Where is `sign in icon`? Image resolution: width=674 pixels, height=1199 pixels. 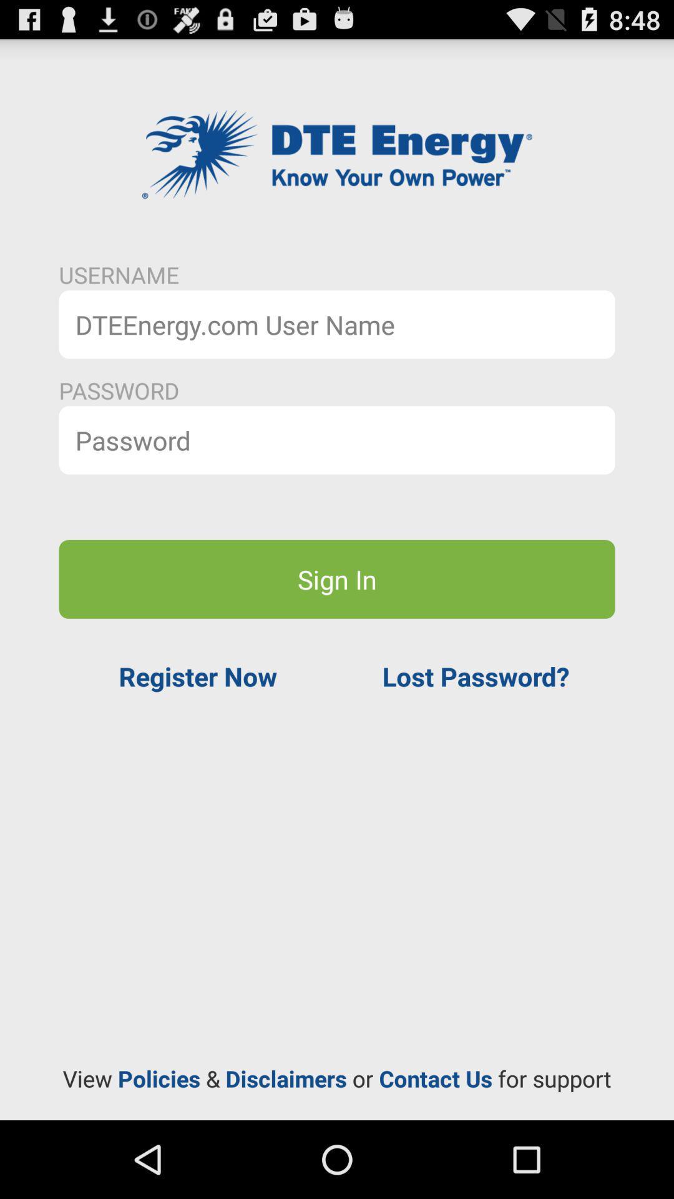 sign in icon is located at coordinates (337, 578).